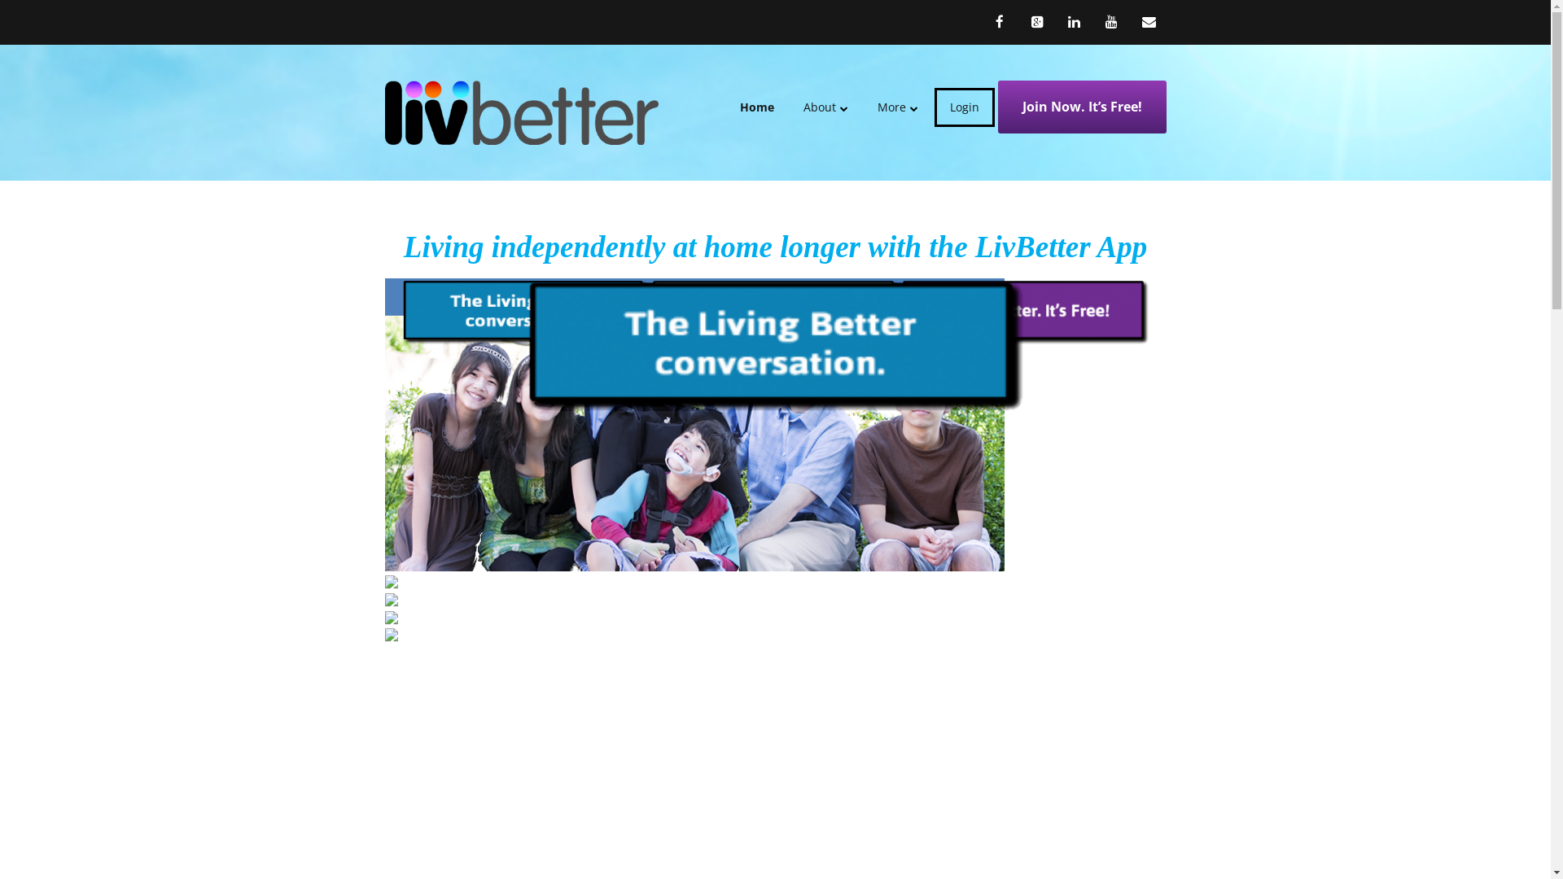 This screenshot has height=879, width=1563. What do you see at coordinates (790, 90) in the screenshot?
I see `'Skip to content'` at bounding box center [790, 90].